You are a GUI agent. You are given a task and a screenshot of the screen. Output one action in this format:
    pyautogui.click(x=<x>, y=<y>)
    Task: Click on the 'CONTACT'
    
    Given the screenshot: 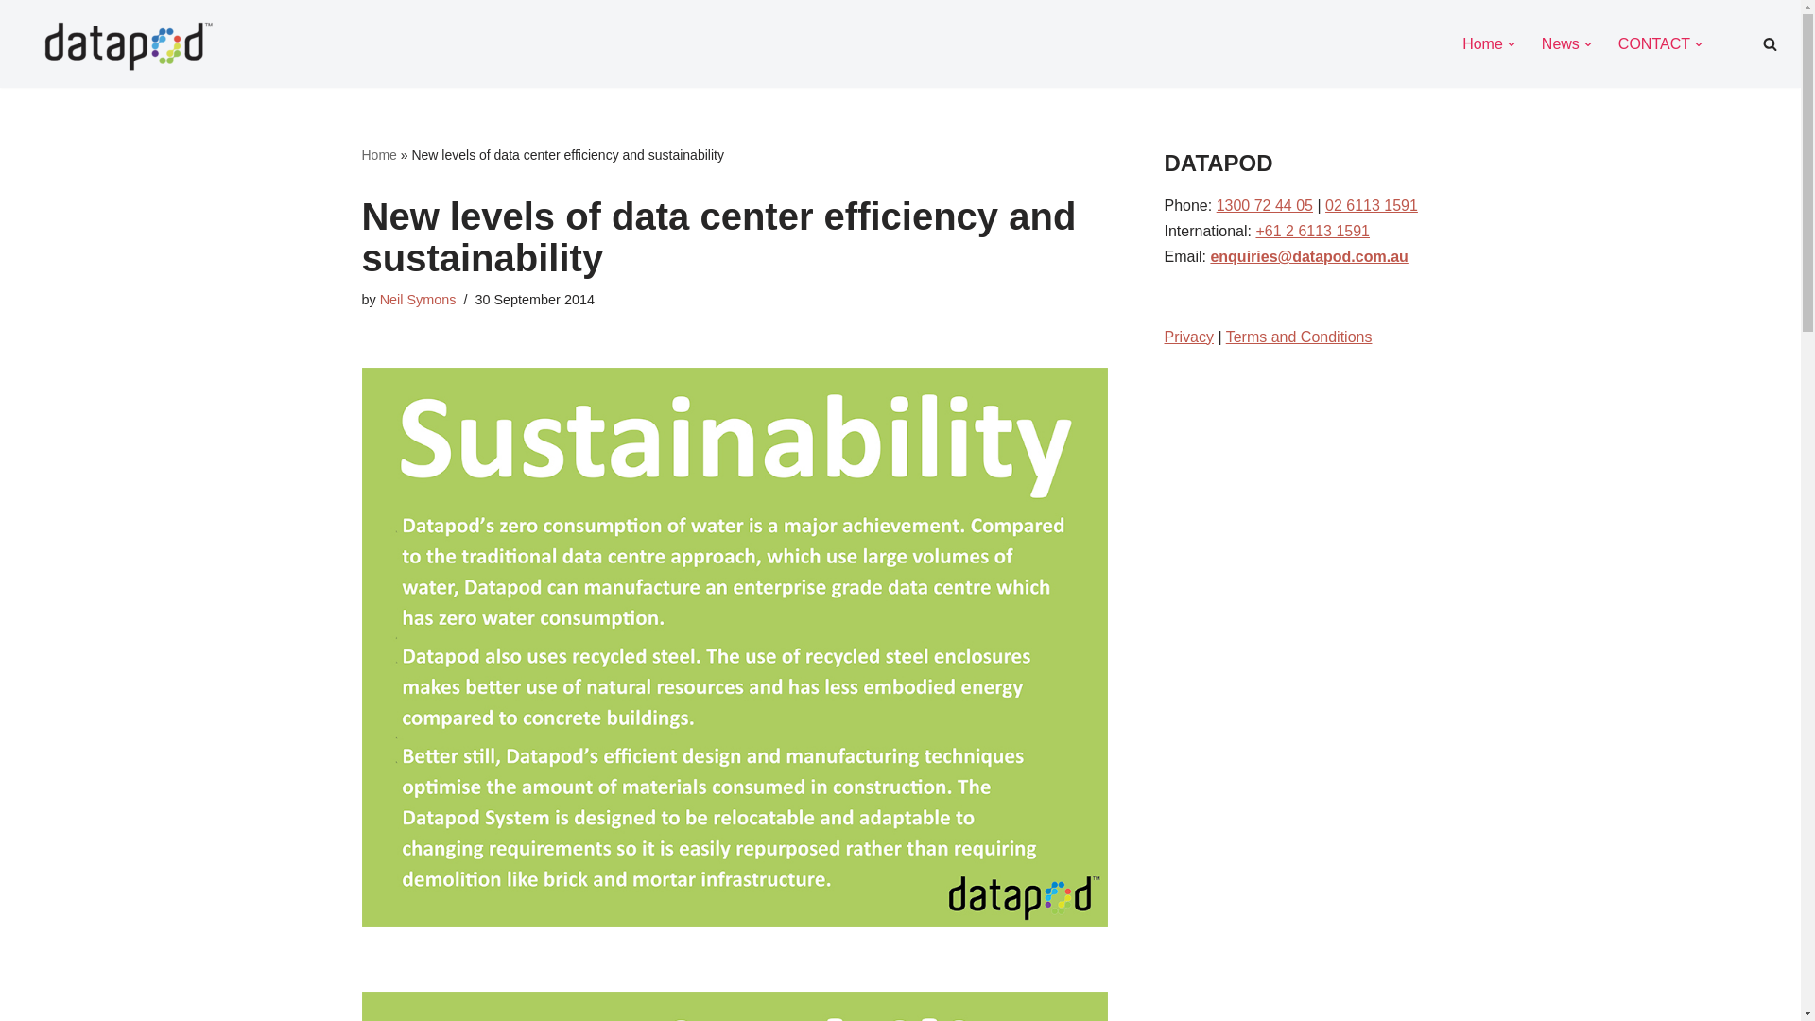 What is the action you would take?
    pyautogui.click(x=1653, y=43)
    